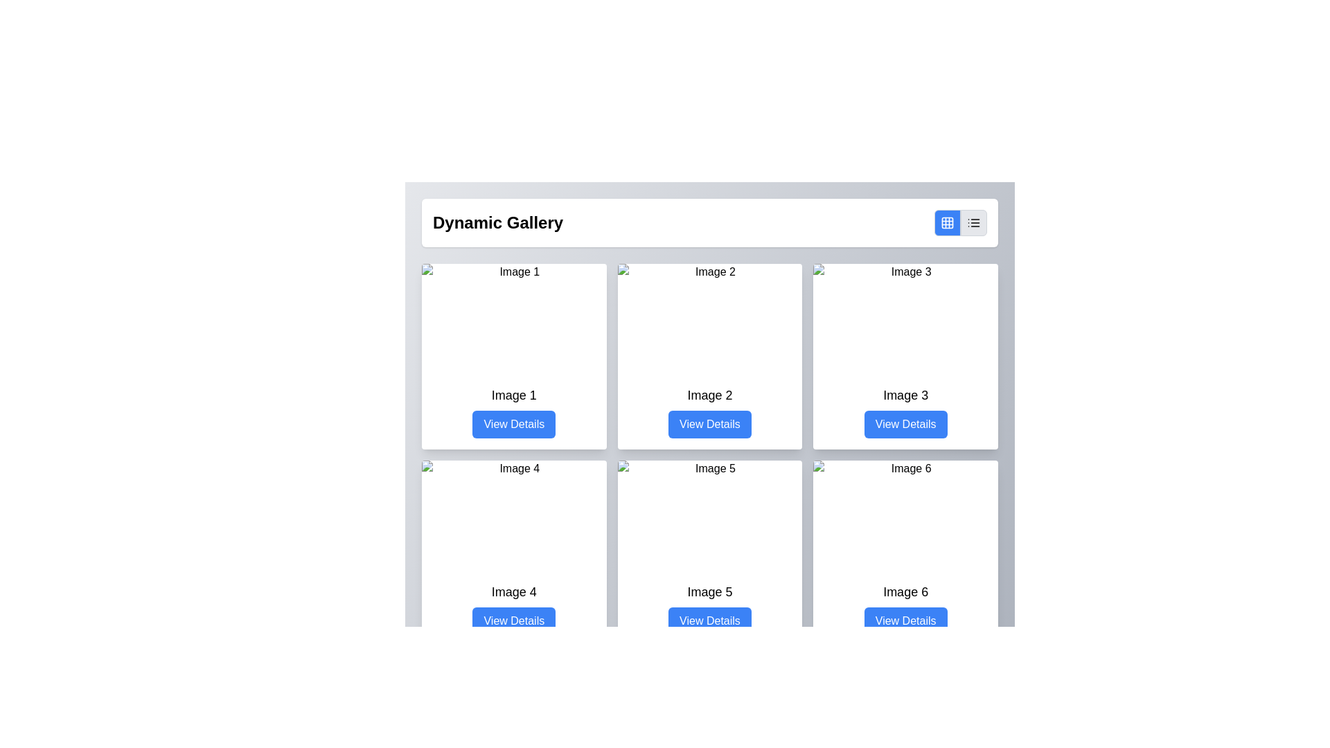 The image size is (1330, 748). Describe the element at coordinates (947, 222) in the screenshot. I see `the square button with a blue background and a white grid layout icon located in the top-right corner` at that location.